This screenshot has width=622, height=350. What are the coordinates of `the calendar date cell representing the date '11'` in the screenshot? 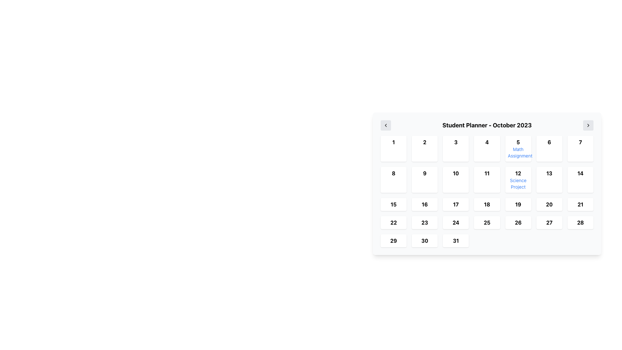 It's located at (487, 180).